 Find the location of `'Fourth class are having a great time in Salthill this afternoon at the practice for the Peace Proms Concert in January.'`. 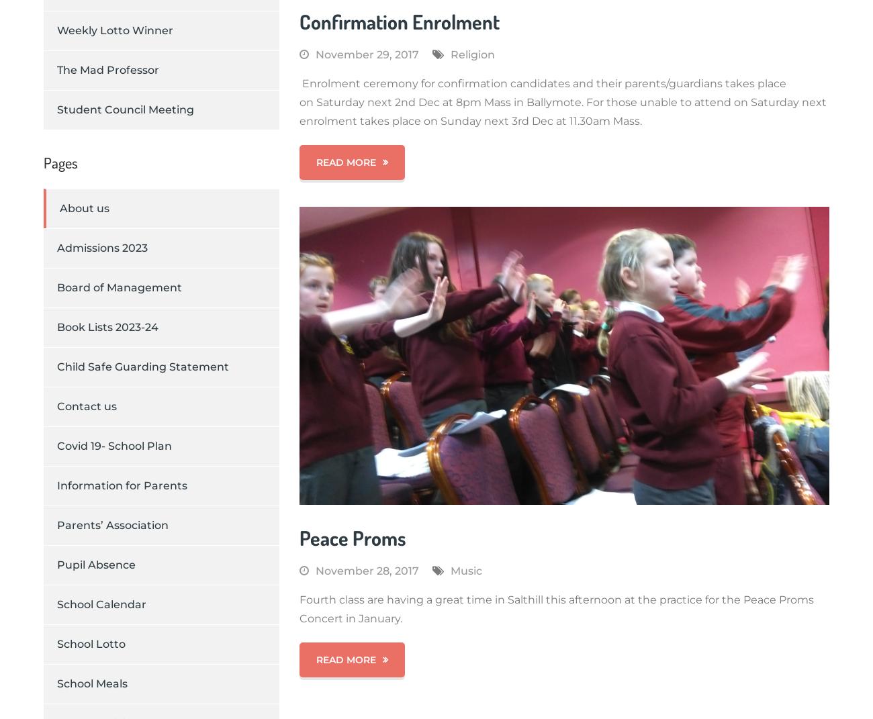

'Fourth class are having a great time in Salthill this afternoon at the practice for the Peace Proms Concert in January.' is located at coordinates (557, 608).